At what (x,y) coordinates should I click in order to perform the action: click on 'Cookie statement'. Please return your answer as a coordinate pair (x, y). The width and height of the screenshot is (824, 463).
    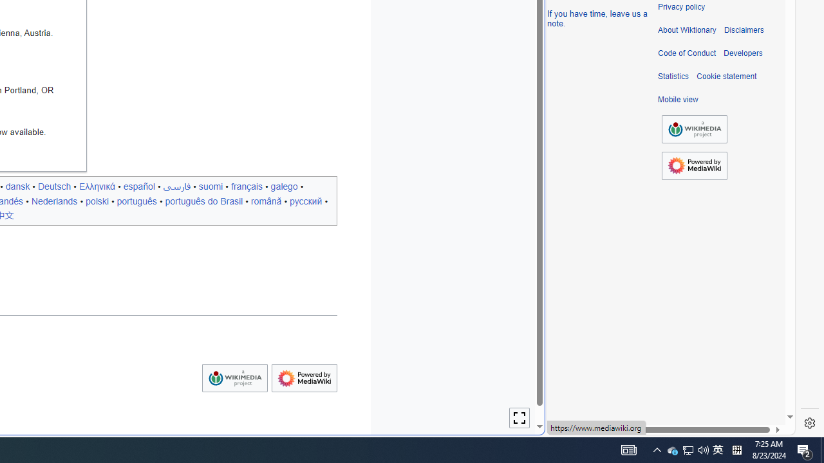
    Looking at the image, I should click on (726, 77).